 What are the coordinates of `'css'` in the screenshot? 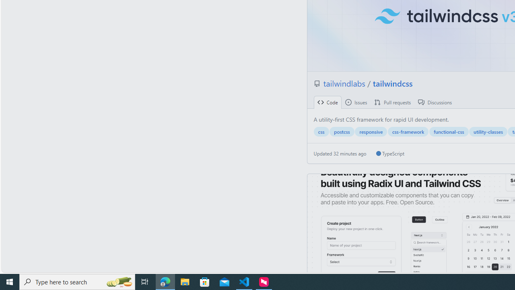 It's located at (321, 131).